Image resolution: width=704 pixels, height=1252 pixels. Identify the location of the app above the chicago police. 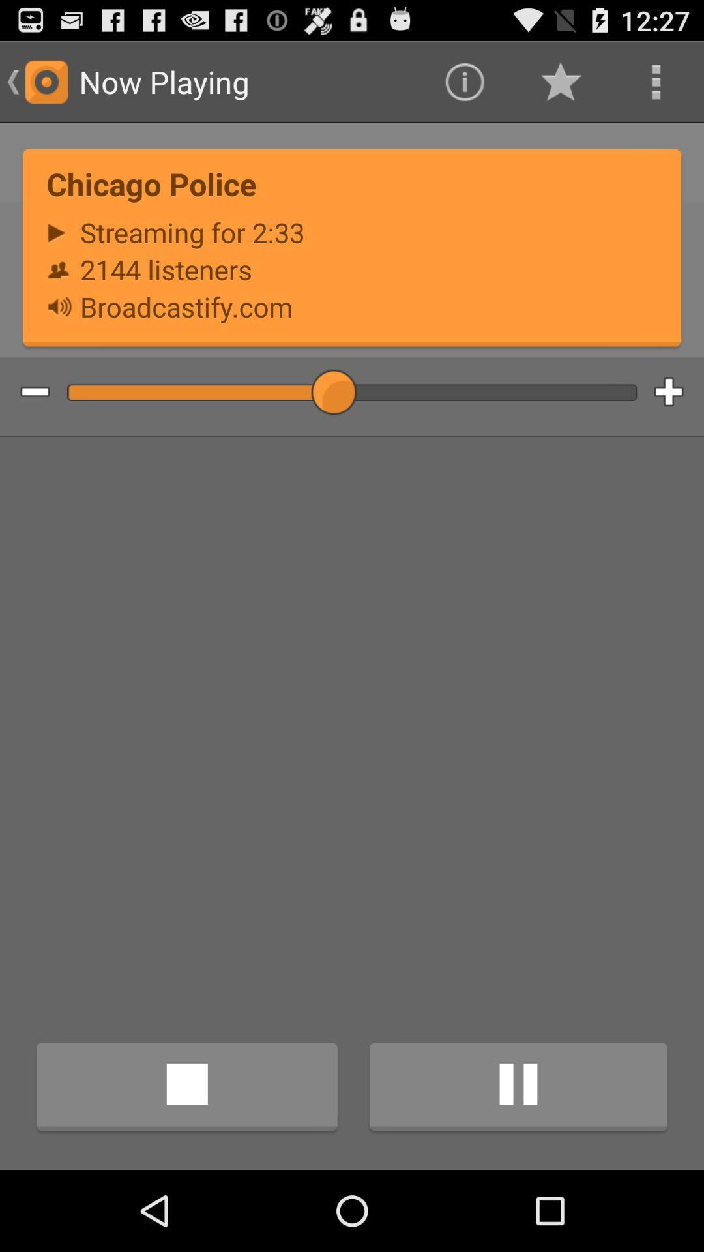
(559, 81).